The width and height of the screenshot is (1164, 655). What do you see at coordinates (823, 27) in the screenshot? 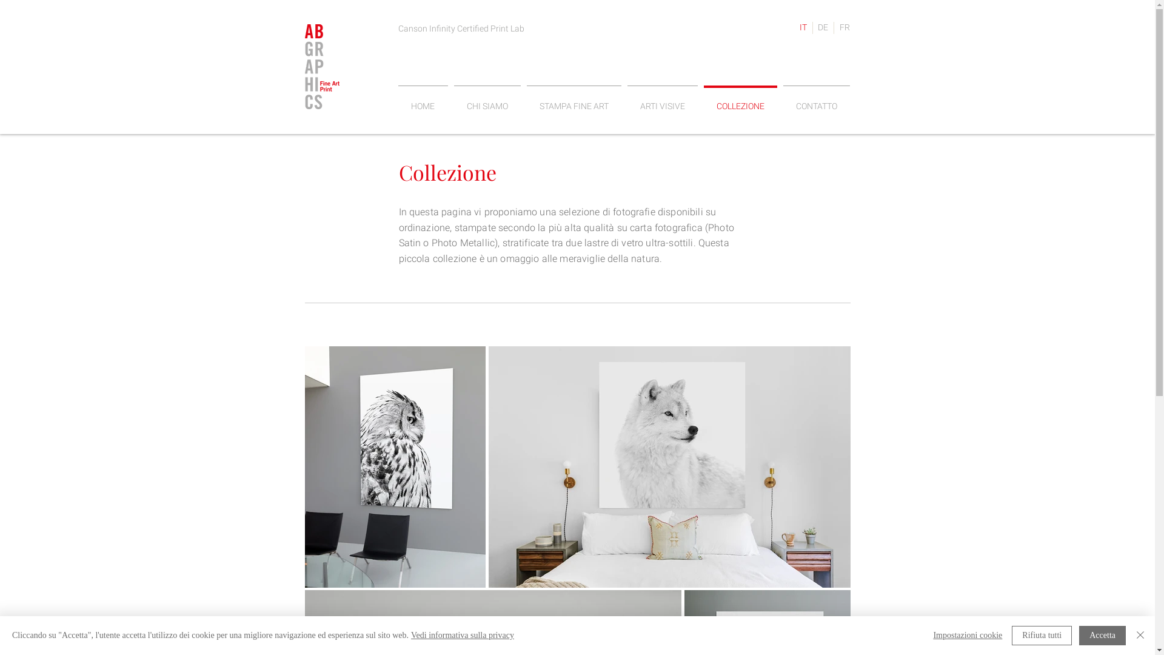
I see `'DE'` at bounding box center [823, 27].